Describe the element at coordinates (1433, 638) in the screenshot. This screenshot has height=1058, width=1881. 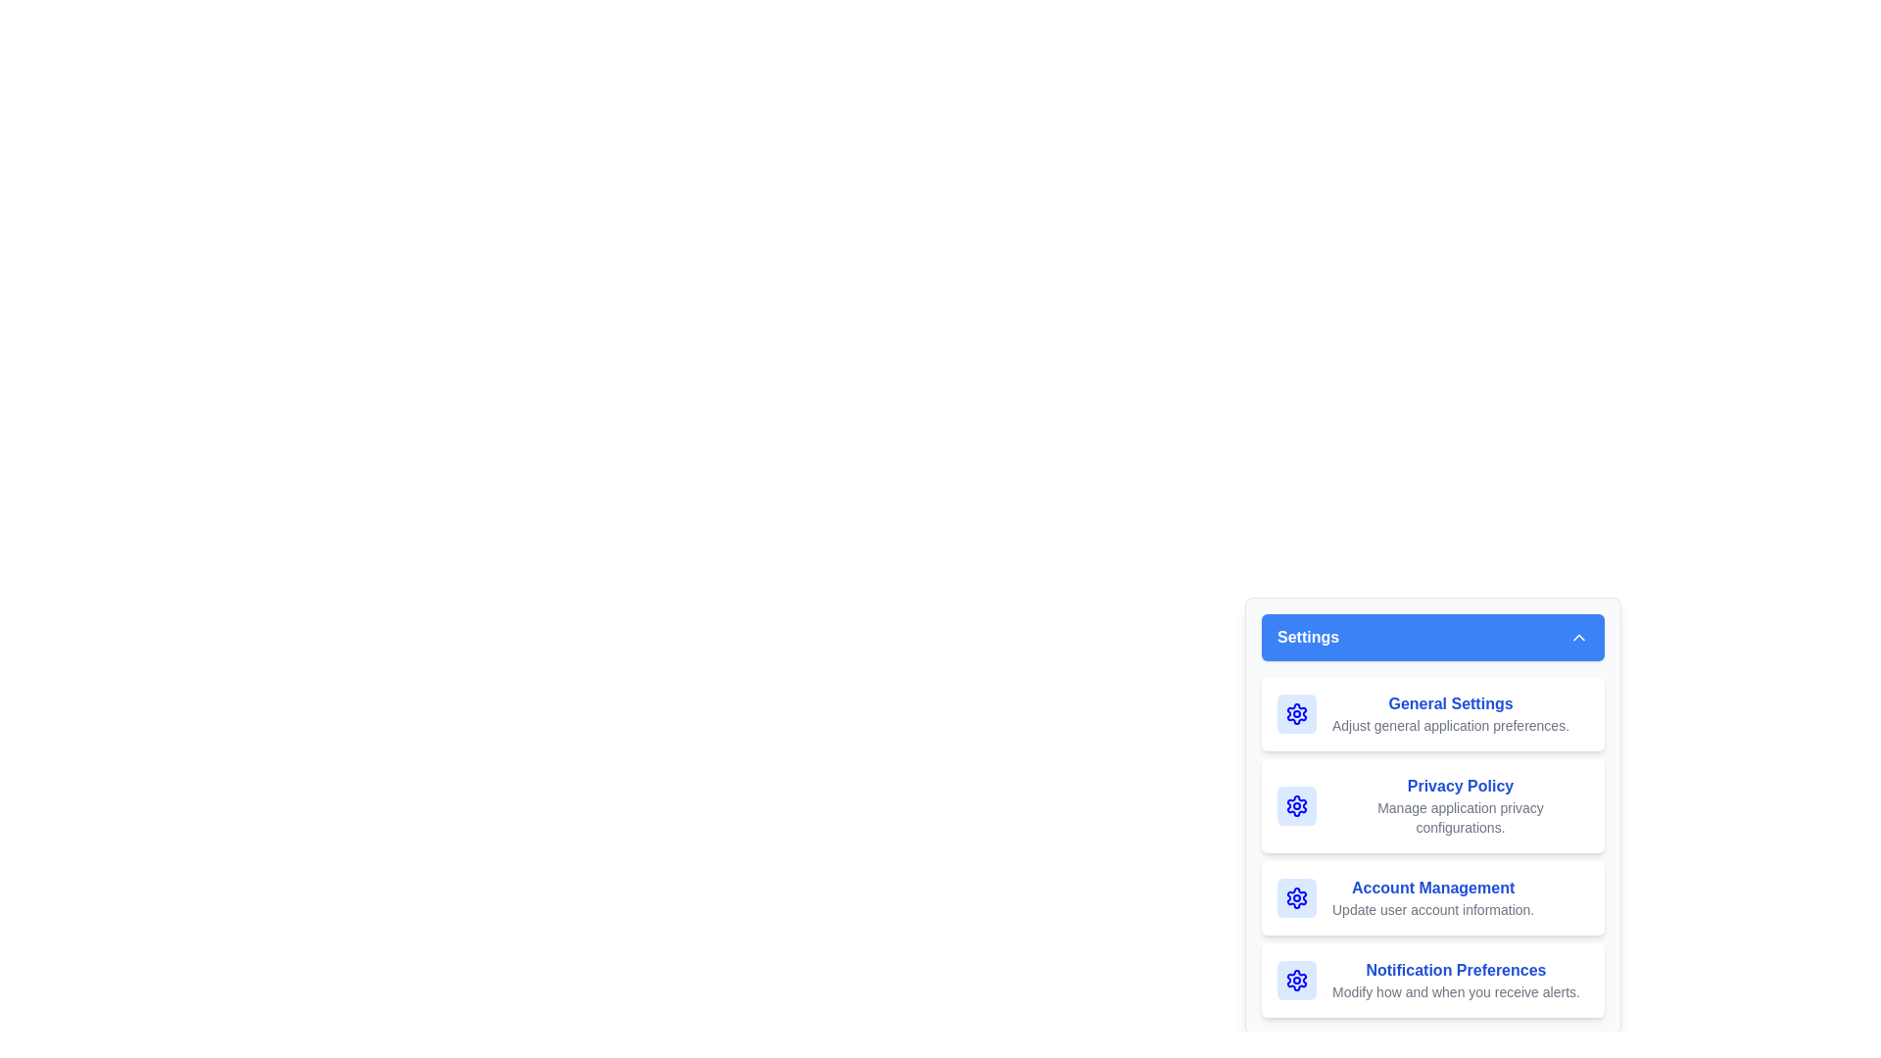
I see `the 'Settings' button to toggle the dropdown menu` at that location.